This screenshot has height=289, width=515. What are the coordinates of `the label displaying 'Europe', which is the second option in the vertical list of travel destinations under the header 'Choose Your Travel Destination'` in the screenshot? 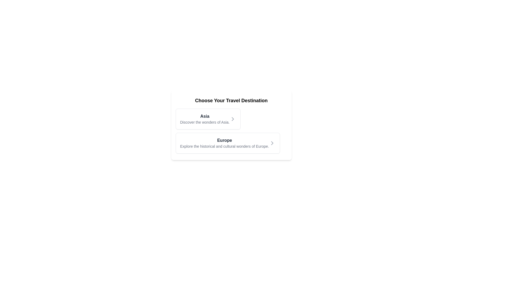 It's located at (225, 143).